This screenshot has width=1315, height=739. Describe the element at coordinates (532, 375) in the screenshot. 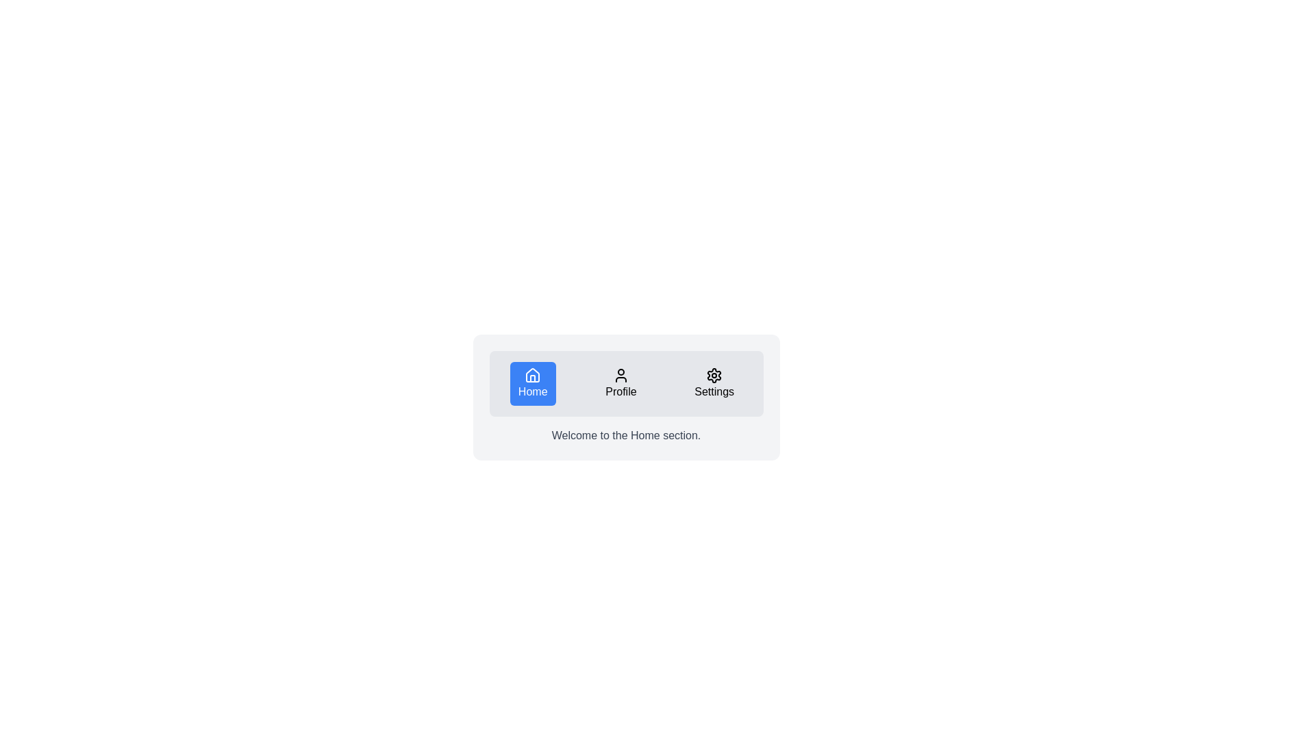

I see `the house-shaped icon with white lines against a blue background, located within the 'Home' button, the first button from the left in a horizontal arrangement of three buttons` at that location.